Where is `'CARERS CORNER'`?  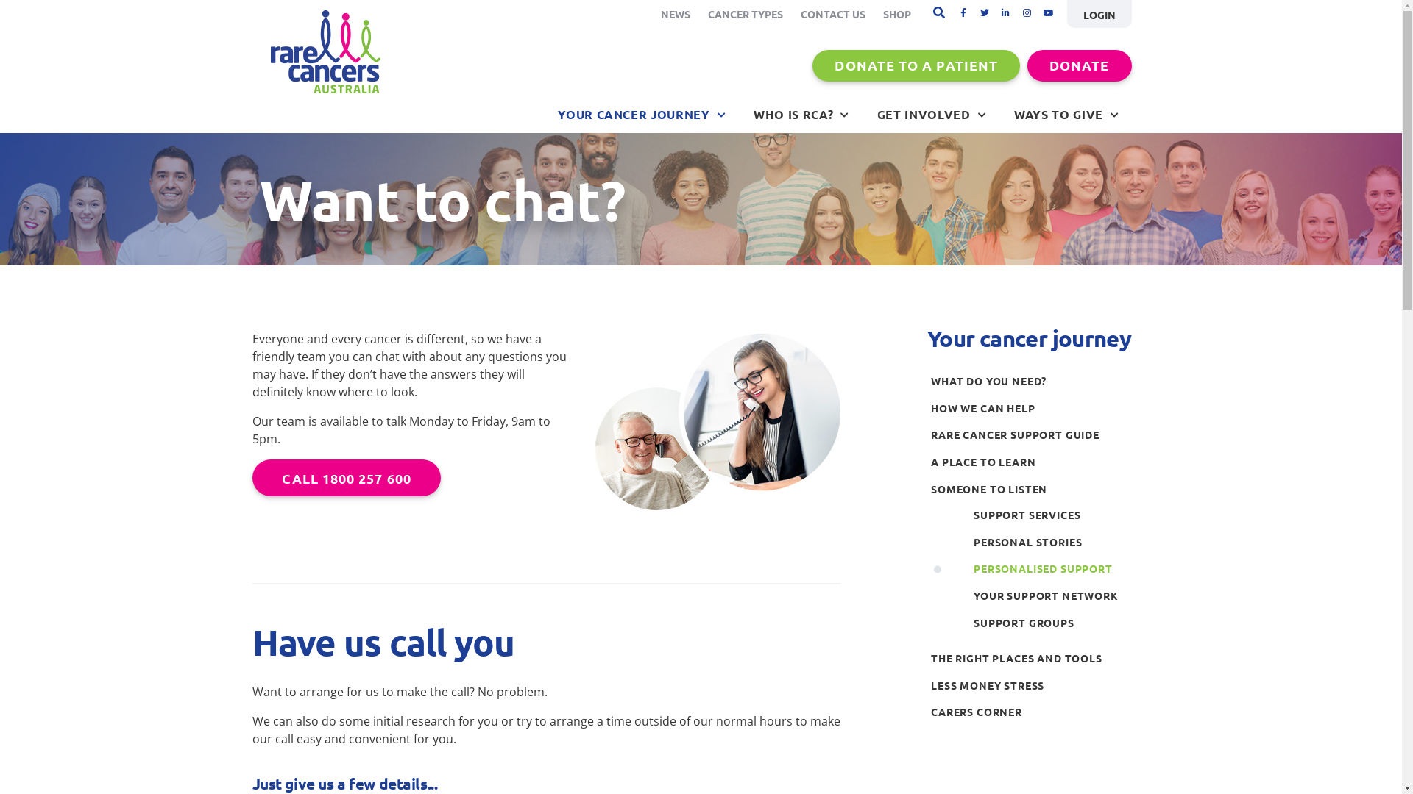 'CARERS CORNER' is located at coordinates (1034, 711).